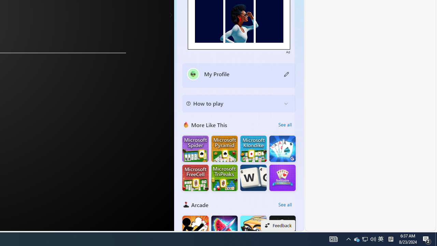 The image size is (437, 246). Describe the element at coordinates (253, 177) in the screenshot. I see `'Microsoft Ultimate Word Games'` at that location.